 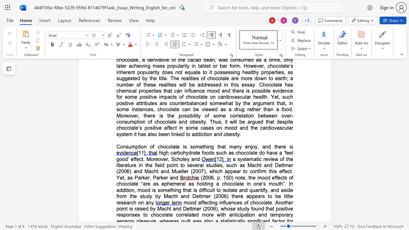 I want to click on the space between the continuous character "d" and "y" in the text, so click(x=149, y=196).